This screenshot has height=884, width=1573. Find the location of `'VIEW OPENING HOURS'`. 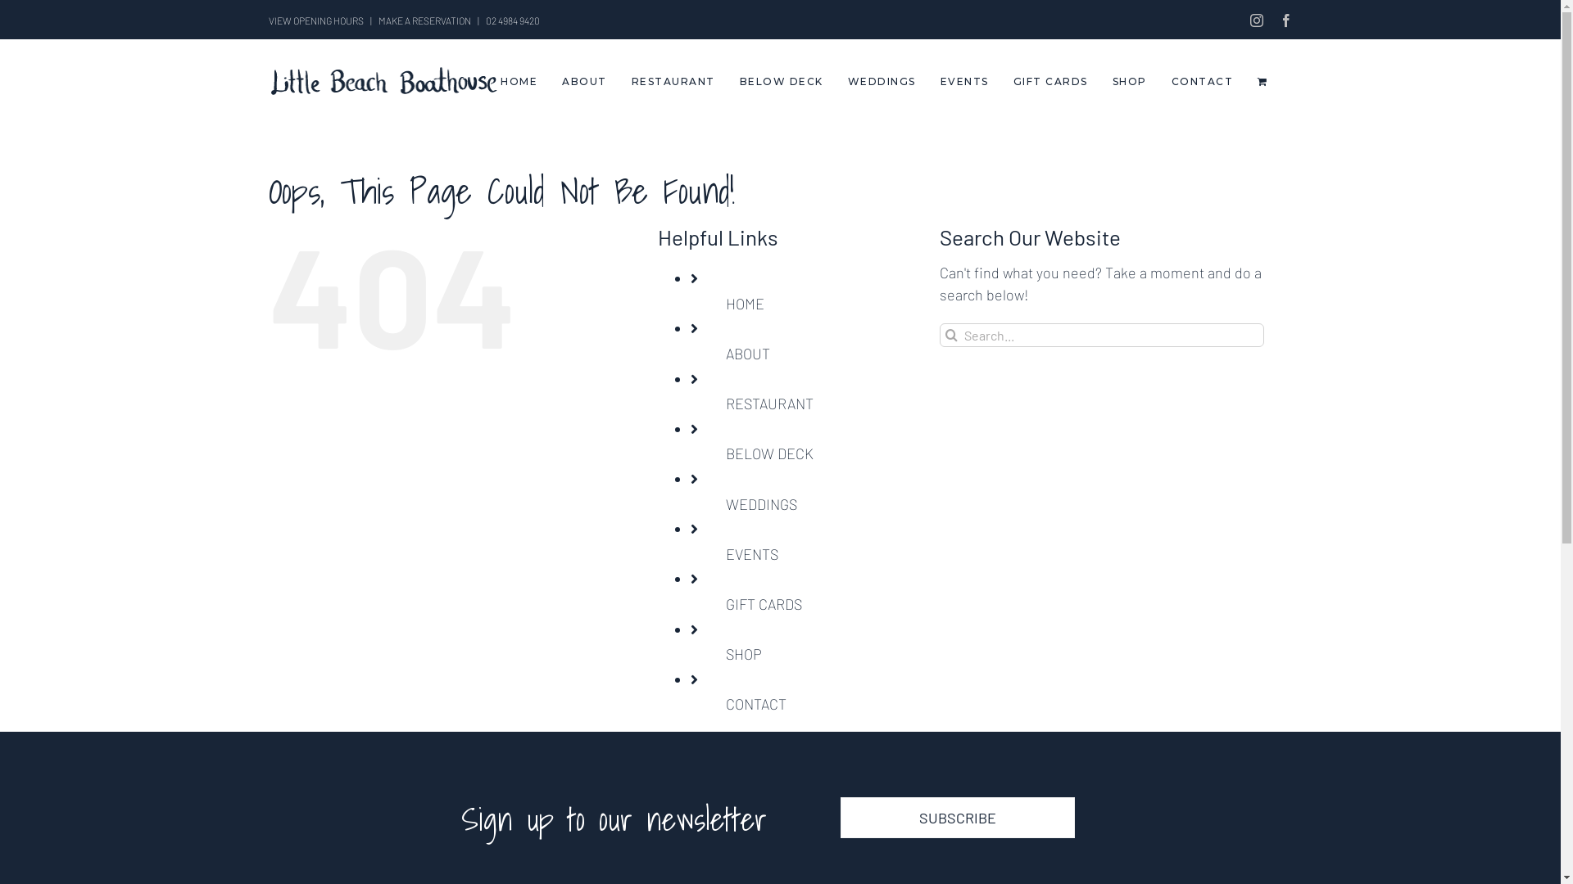

'VIEW OPENING HOURS' is located at coordinates (315, 20).